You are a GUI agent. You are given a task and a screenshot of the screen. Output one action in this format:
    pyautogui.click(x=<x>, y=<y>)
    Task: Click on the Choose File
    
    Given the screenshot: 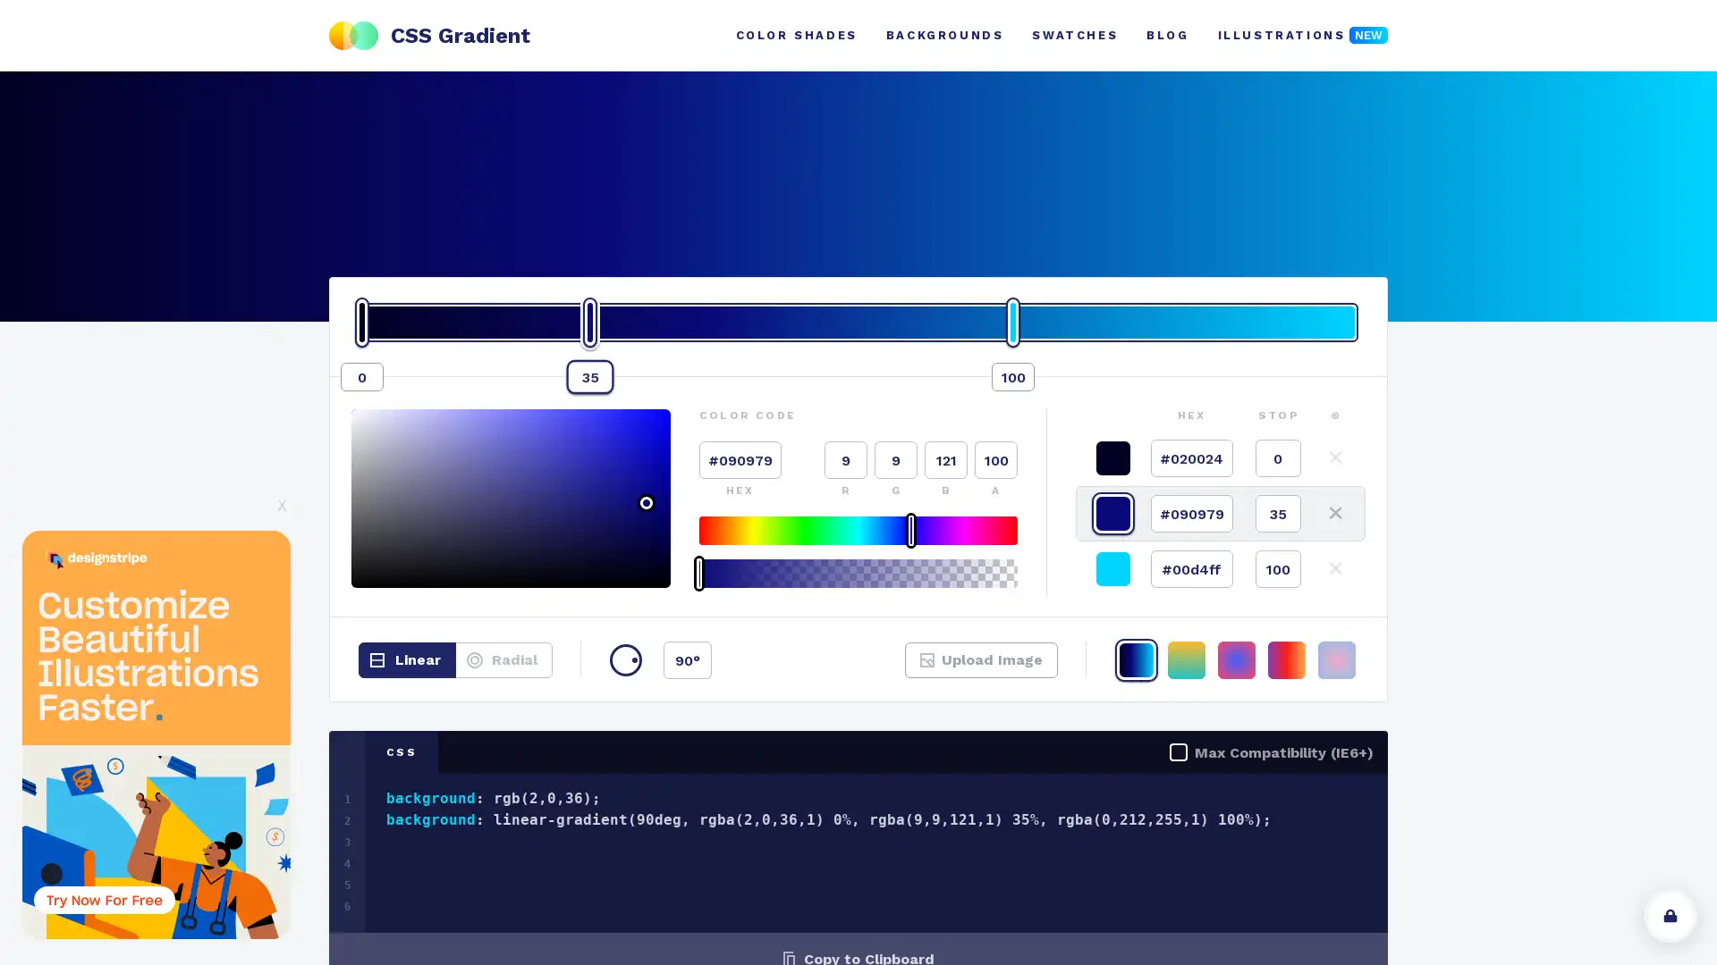 What is the action you would take?
    pyautogui.click(x=952, y=670)
    